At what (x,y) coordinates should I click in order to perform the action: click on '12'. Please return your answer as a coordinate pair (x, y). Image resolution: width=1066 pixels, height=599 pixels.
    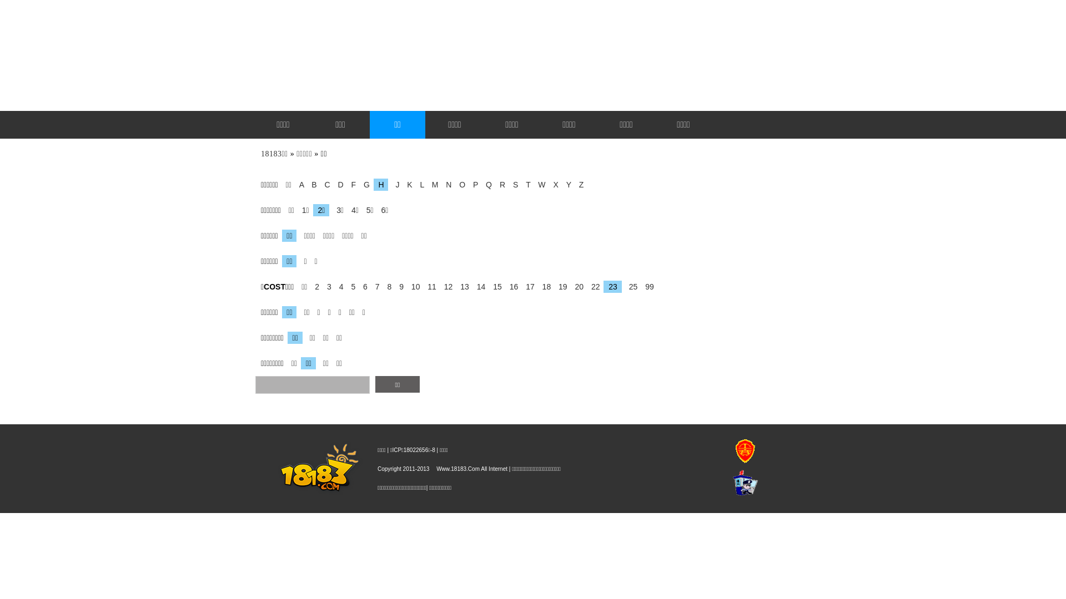
    Looking at the image, I should click on (445, 286).